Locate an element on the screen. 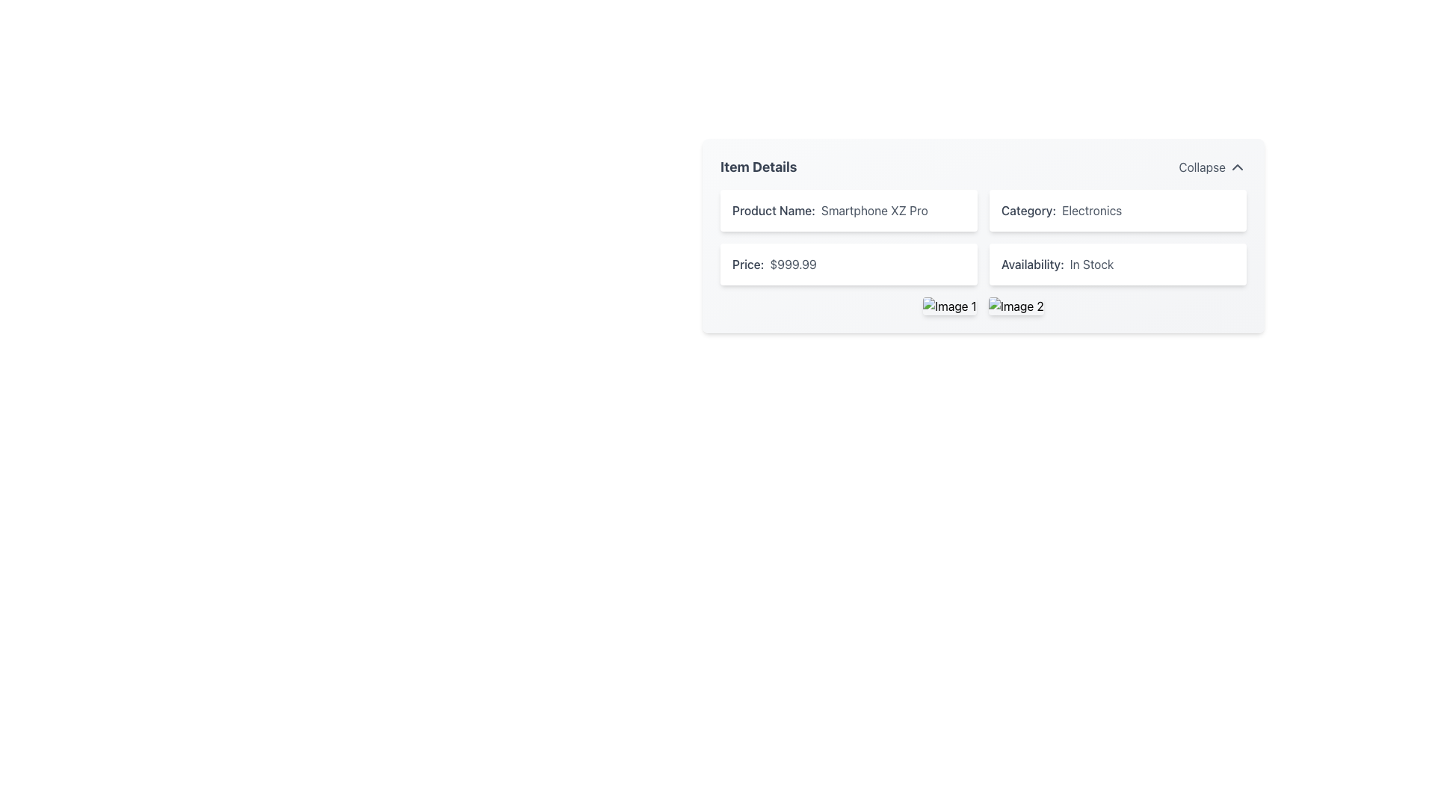 The image size is (1435, 807). the individual image in the Image Group located at the bottom of the product details card, under the 'Availability' field is located at coordinates (983, 305).